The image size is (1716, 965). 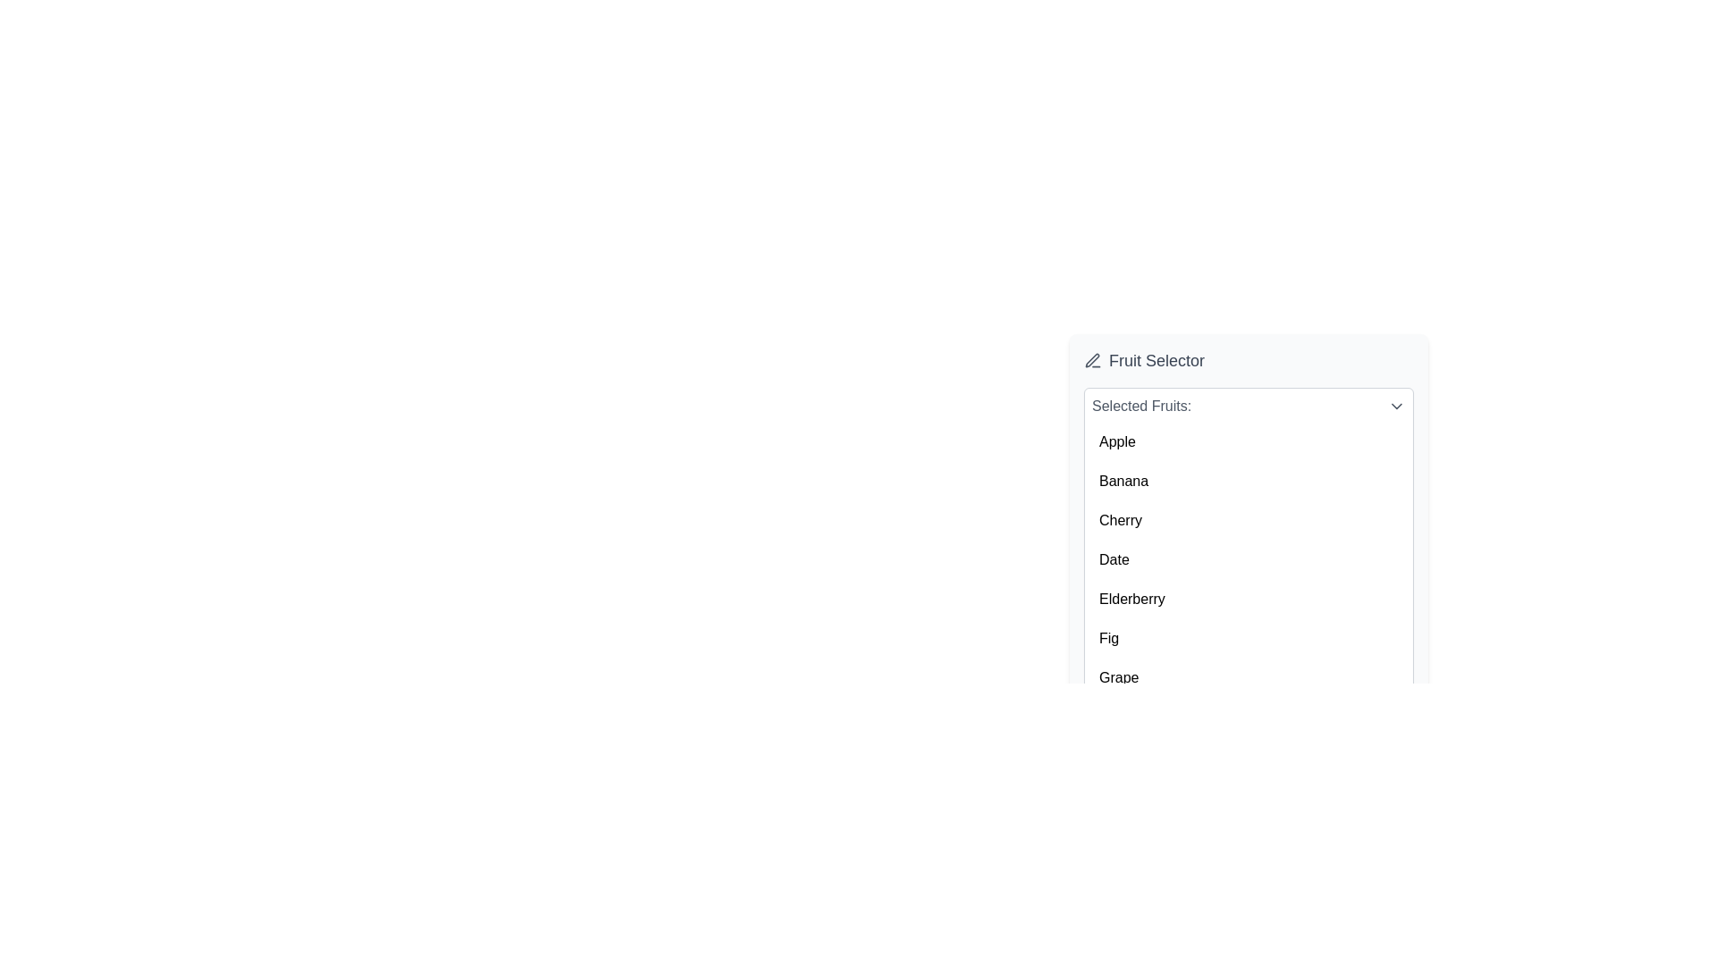 What do you see at coordinates (1248, 525) in the screenshot?
I see `the third fruit entry in the 'Fruit Selector' list` at bounding box center [1248, 525].